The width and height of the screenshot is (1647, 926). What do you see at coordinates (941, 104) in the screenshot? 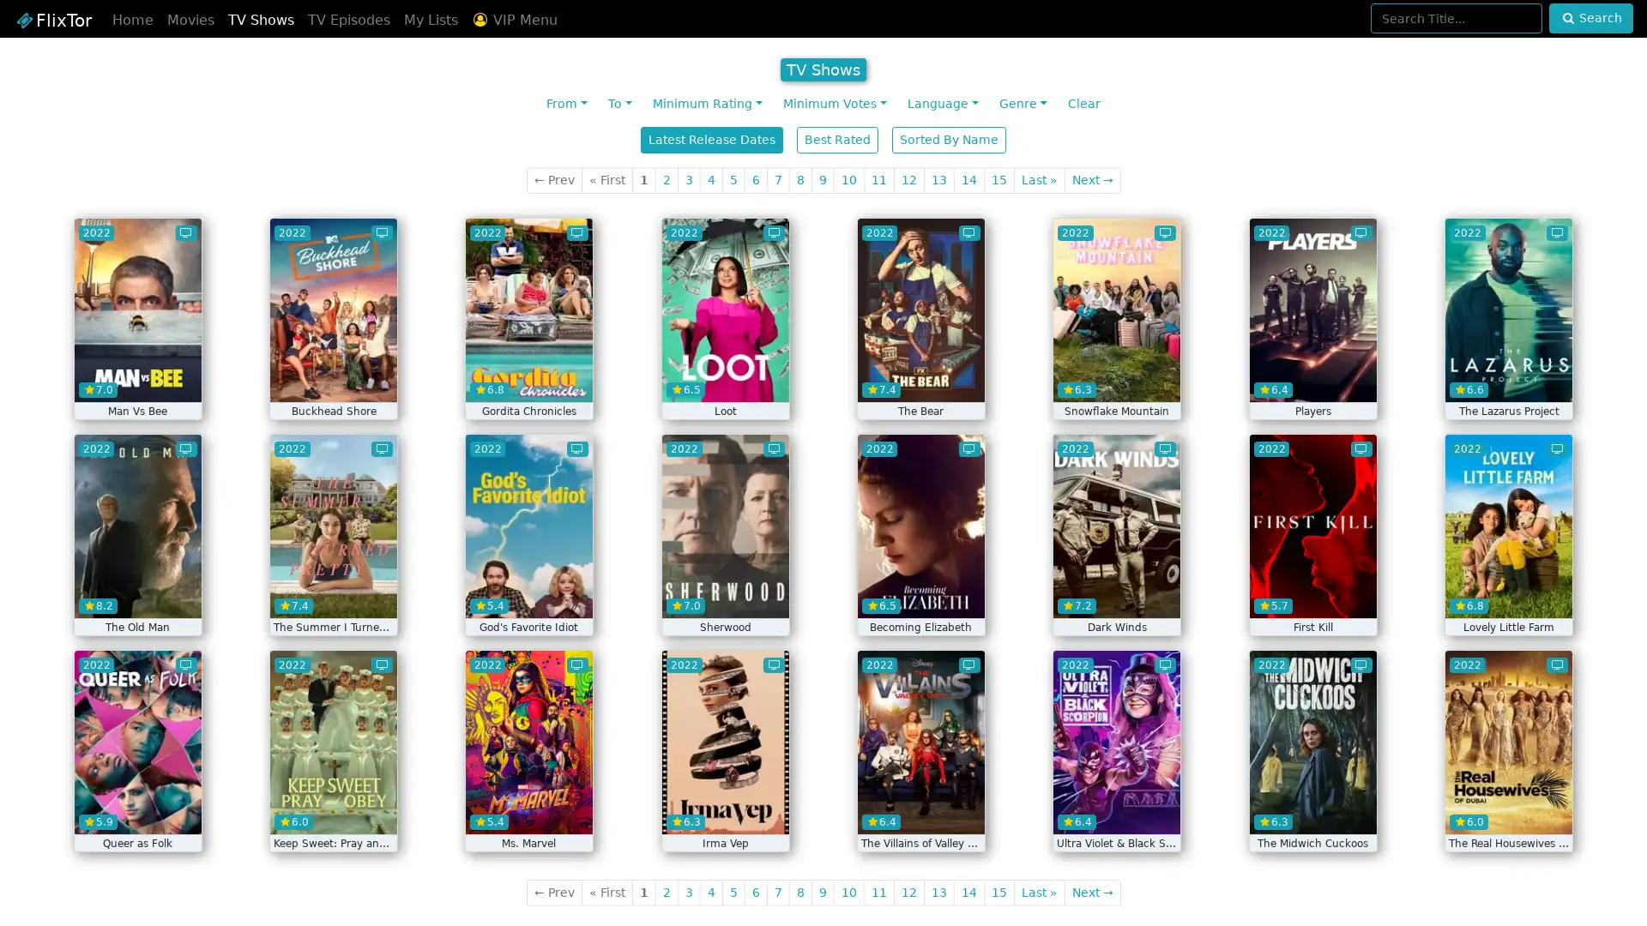
I see `Language` at bounding box center [941, 104].